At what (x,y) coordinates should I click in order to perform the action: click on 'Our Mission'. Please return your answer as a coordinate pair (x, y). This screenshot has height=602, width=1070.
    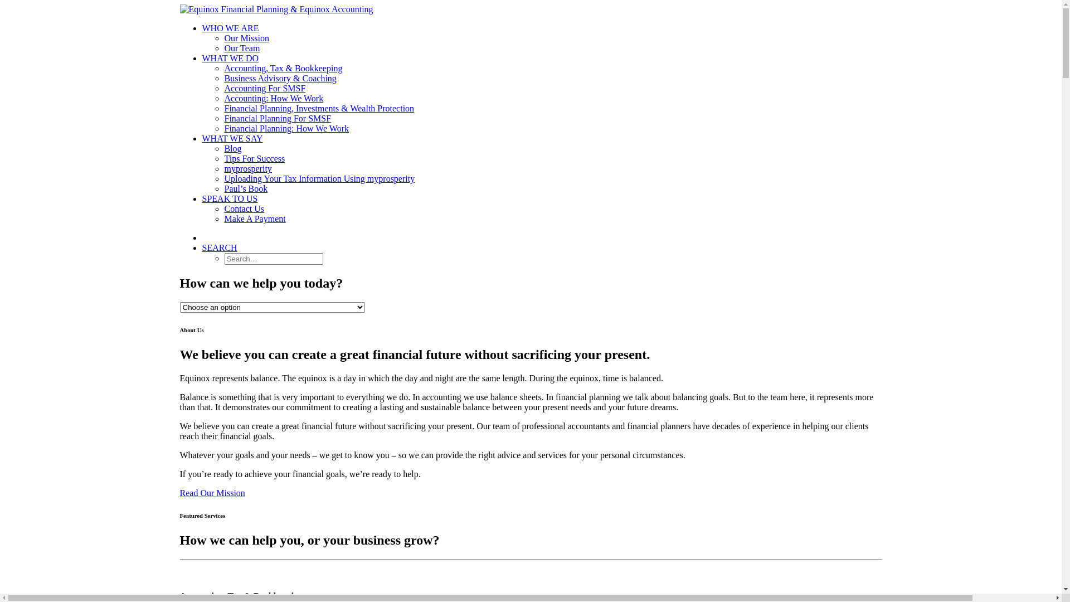
    Looking at the image, I should click on (245, 37).